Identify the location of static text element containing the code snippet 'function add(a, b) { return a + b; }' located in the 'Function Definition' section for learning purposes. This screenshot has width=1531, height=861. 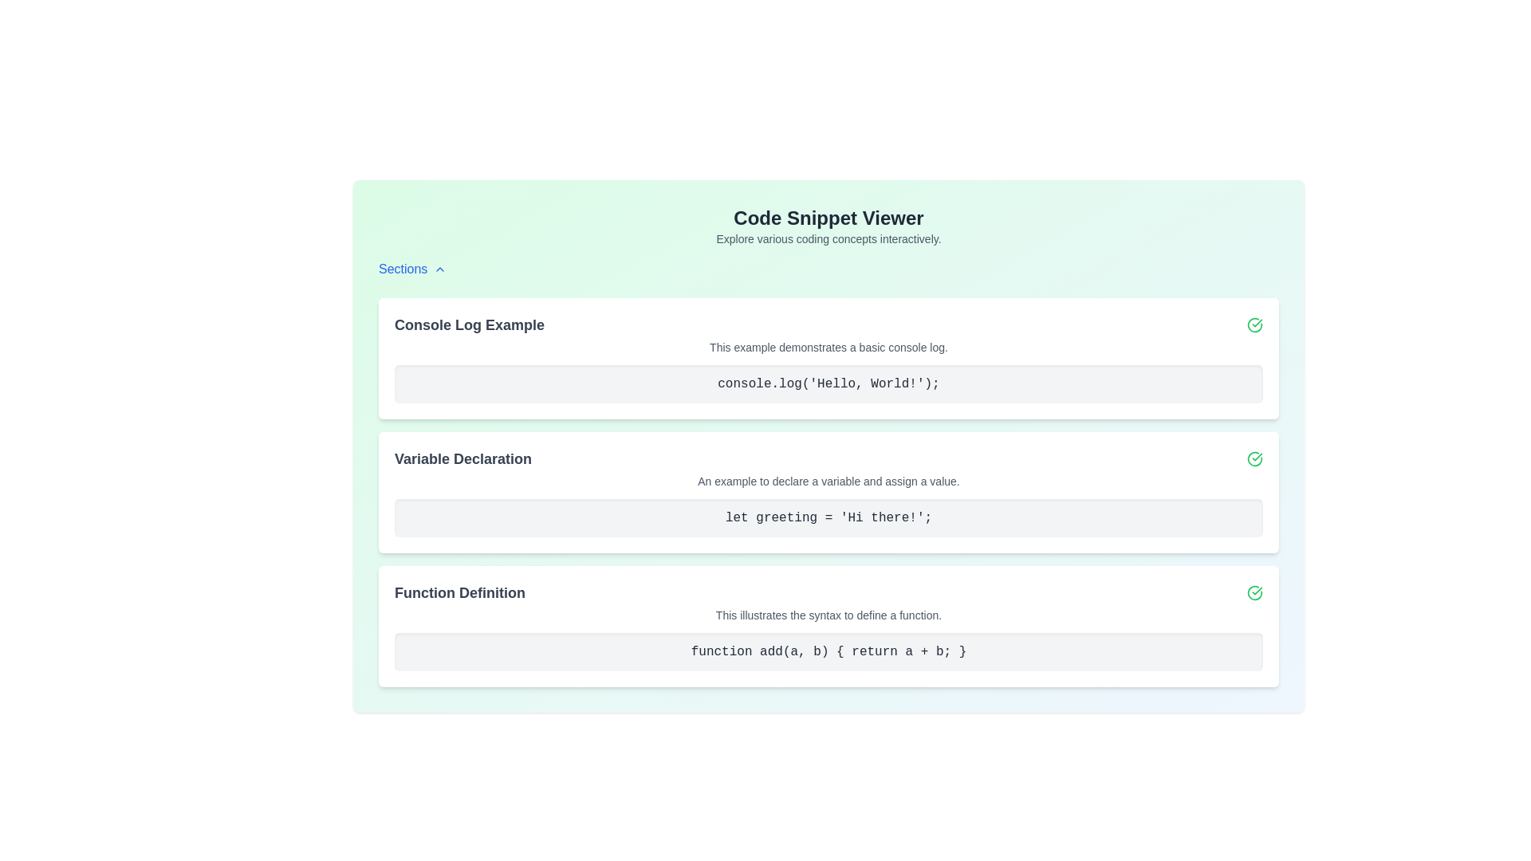
(828, 651).